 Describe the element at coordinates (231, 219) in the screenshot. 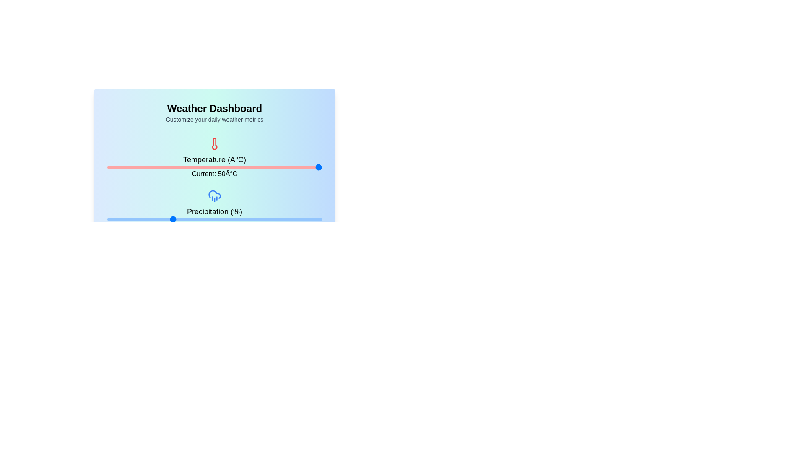

I see `the precipitation level` at that location.